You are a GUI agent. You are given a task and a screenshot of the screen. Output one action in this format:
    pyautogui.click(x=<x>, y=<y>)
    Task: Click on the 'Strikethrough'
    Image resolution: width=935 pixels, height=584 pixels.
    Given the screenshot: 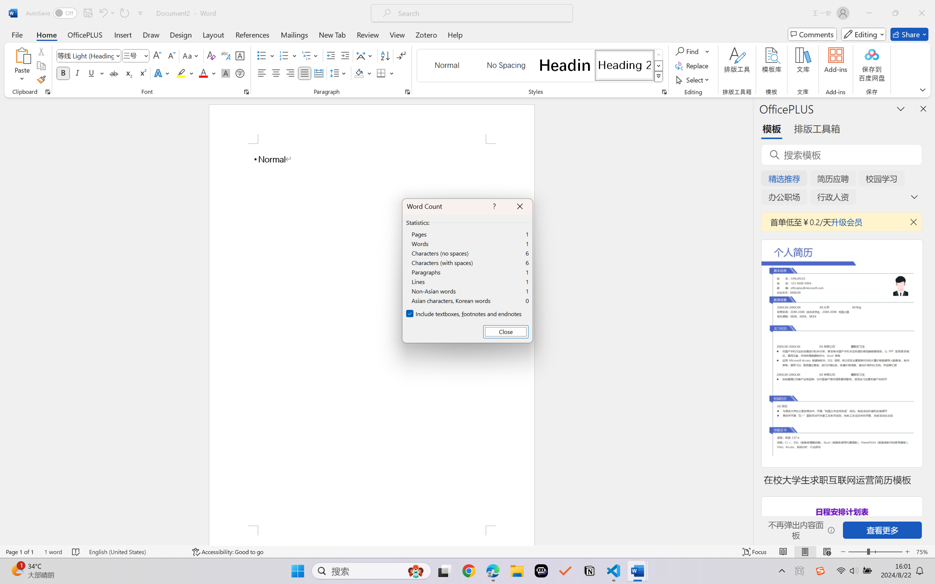 What is the action you would take?
    pyautogui.click(x=114, y=73)
    